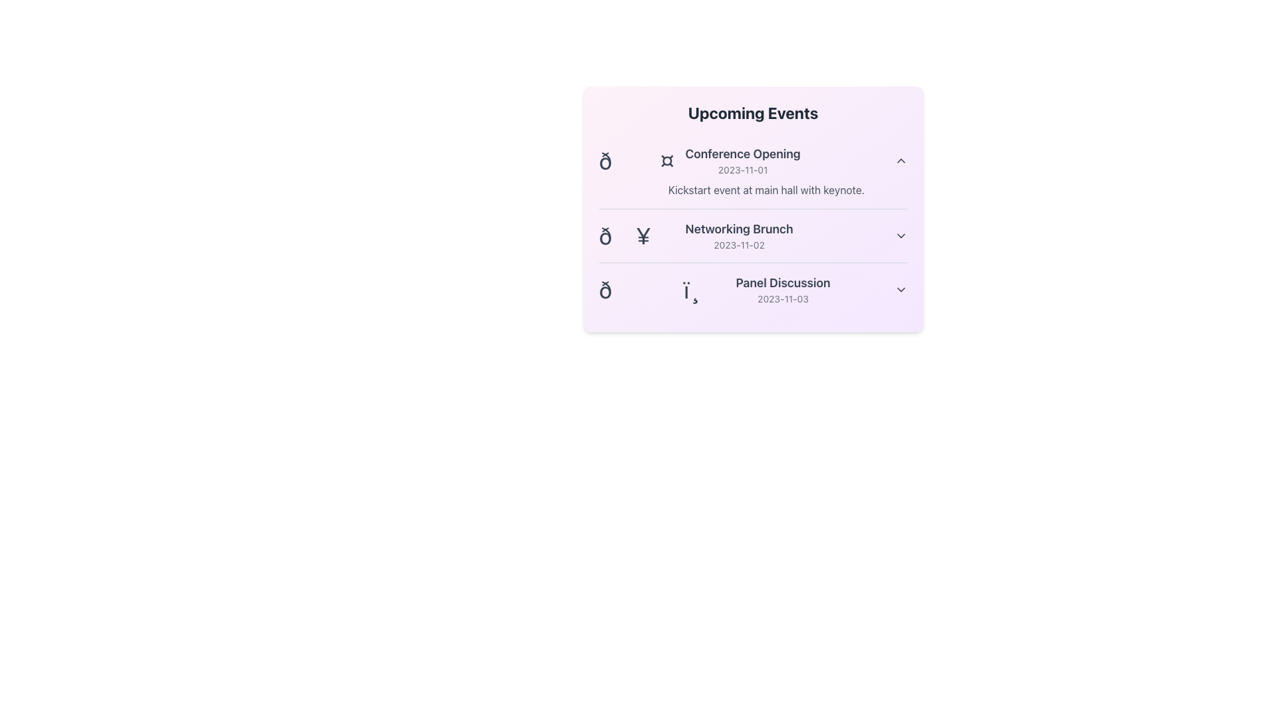 Image resolution: width=1277 pixels, height=718 pixels. Describe the element at coordinates (783, 289) in the screenshot. I see `the 'Panel Discussion' text element in the Upcoming Events list, which features bold text and a date below it` at that location.